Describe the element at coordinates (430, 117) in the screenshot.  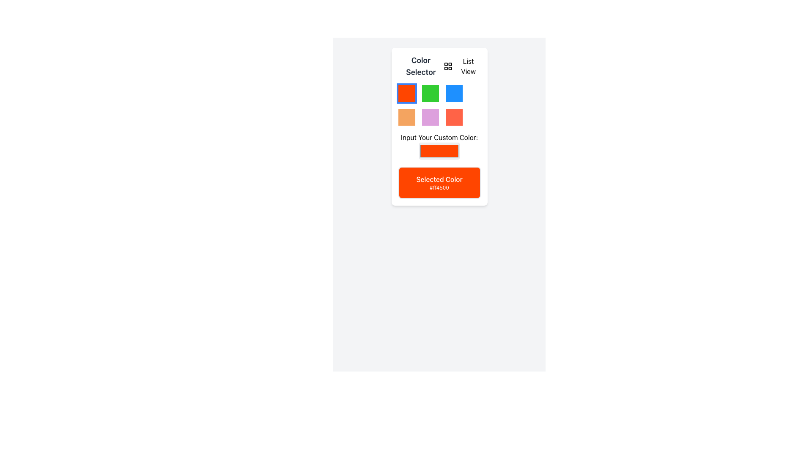
I see `the Grid Item (Color) in the second row and second column of the color selection grid` at that location.